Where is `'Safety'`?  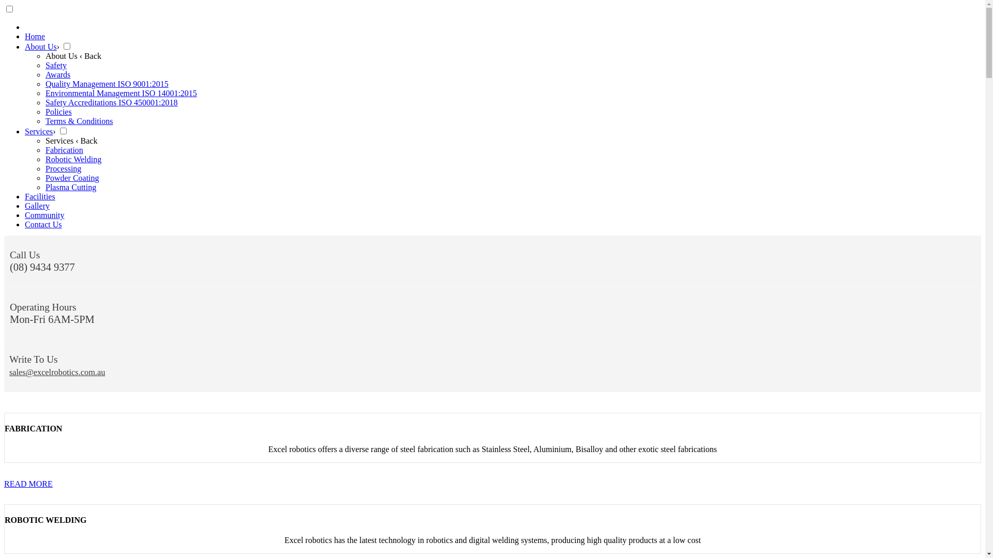
'Safety' is located at coordinates (55, 65).